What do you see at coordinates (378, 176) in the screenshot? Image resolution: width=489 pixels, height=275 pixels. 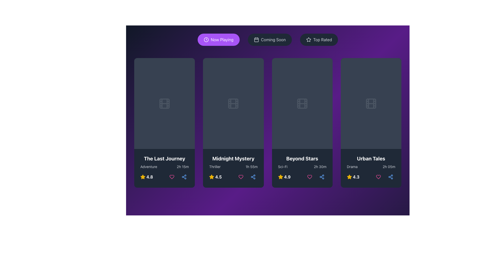 I see `the heart-shaped icon representing the 'like' feature for the movie 'Urban Tales'` at bounding box center [378, 176].